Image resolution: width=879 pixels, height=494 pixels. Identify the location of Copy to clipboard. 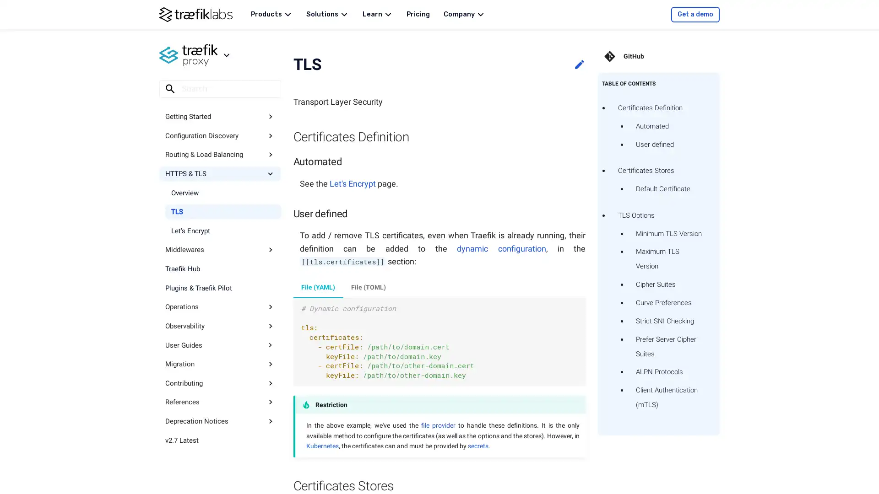
(868, 10).